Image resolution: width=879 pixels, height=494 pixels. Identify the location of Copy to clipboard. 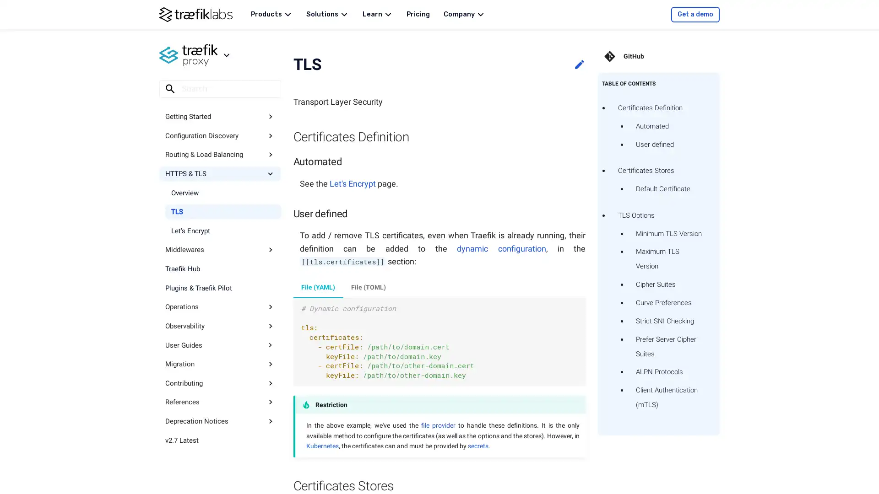
(868, 10).